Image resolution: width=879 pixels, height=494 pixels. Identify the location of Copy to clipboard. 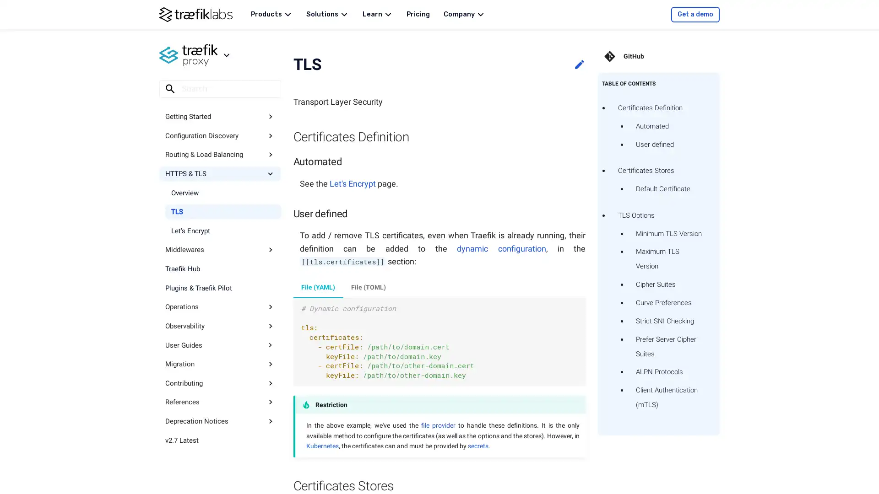
(868, 10).